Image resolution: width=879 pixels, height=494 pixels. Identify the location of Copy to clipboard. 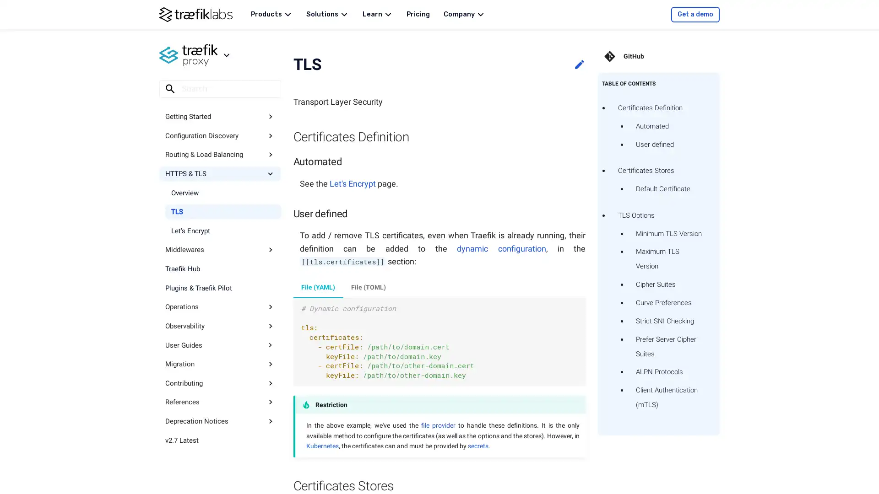
(868, 10).